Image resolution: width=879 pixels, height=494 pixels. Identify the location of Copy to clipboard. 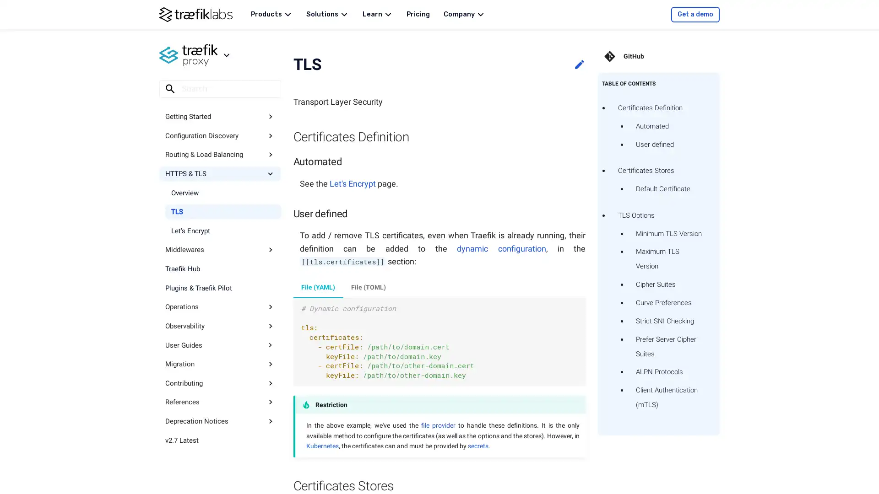
(868, 10).